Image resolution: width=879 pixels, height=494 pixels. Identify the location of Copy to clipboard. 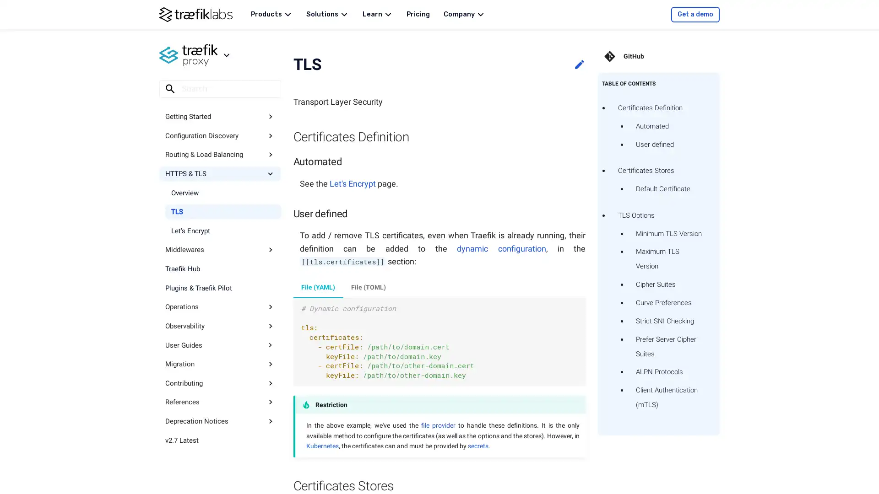
(868, 10).